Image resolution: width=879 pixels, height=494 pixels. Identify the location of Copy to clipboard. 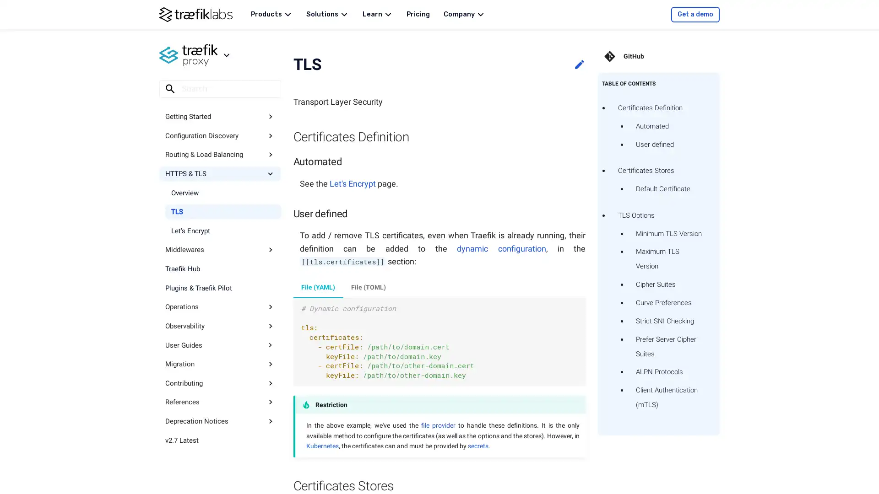
(868, 10).